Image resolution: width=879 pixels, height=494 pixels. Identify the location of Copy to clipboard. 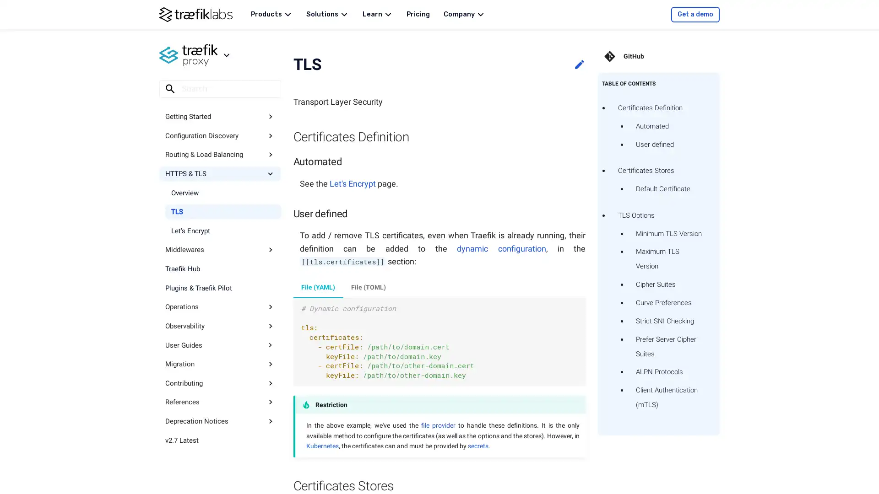
(868, 10).